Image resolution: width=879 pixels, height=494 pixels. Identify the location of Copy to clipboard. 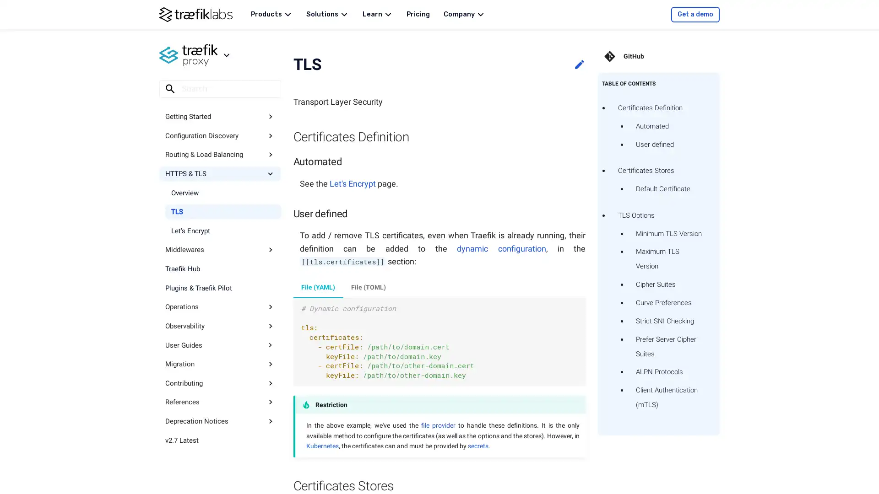
(868, 10).